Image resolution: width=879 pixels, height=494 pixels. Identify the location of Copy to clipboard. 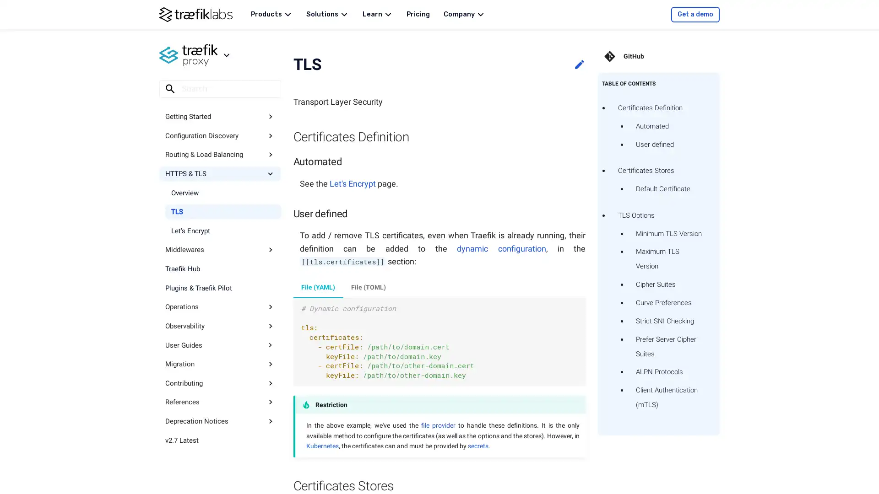
(868, 10).